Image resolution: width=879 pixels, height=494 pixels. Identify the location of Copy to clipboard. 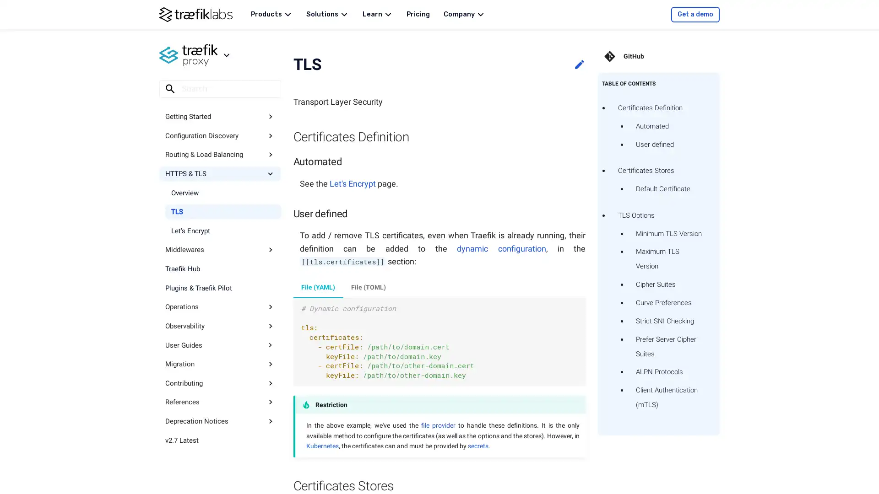
(868, 10).